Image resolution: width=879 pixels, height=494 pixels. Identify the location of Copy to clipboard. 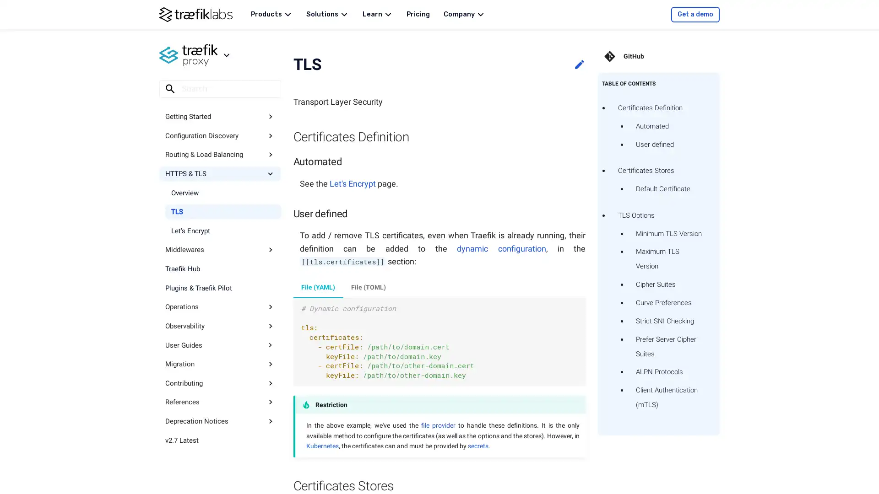
(868, 10).